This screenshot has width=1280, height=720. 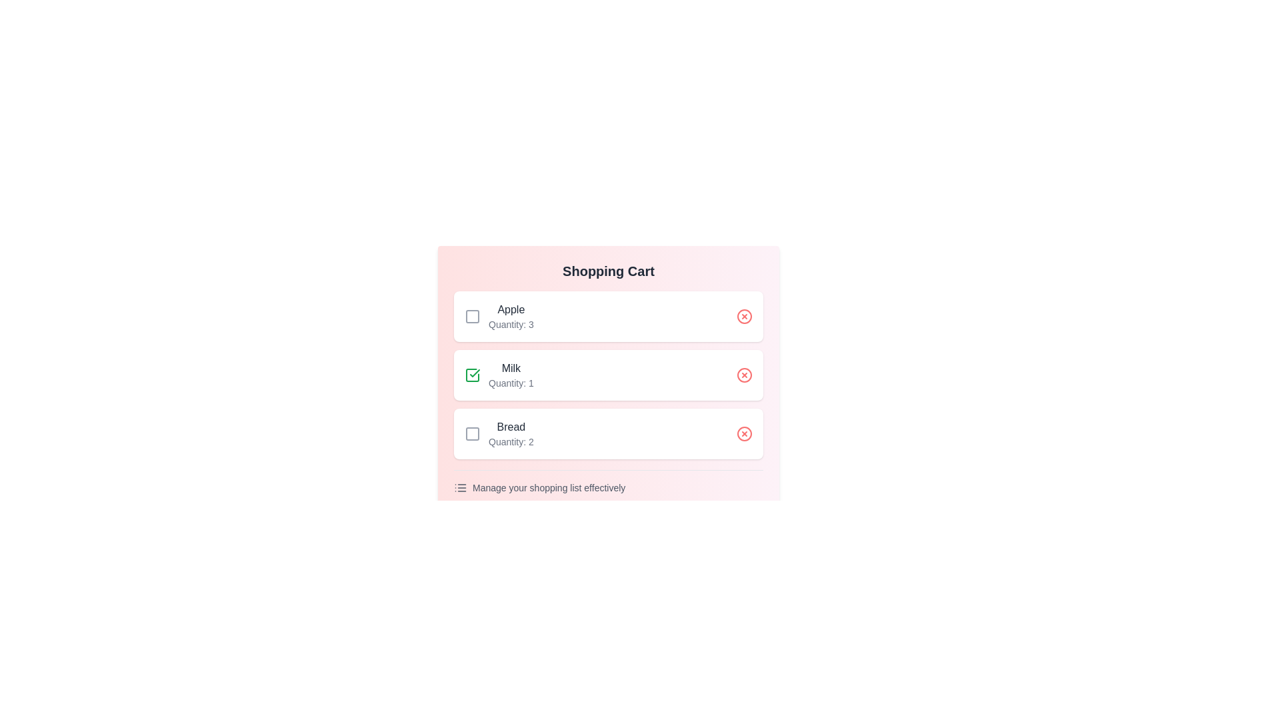 What do you see at coordinates (473, 375) in the screenshot?
I see `checkbox for the item titled Milk to toggle its bought status` at bounding box center [473, 375].